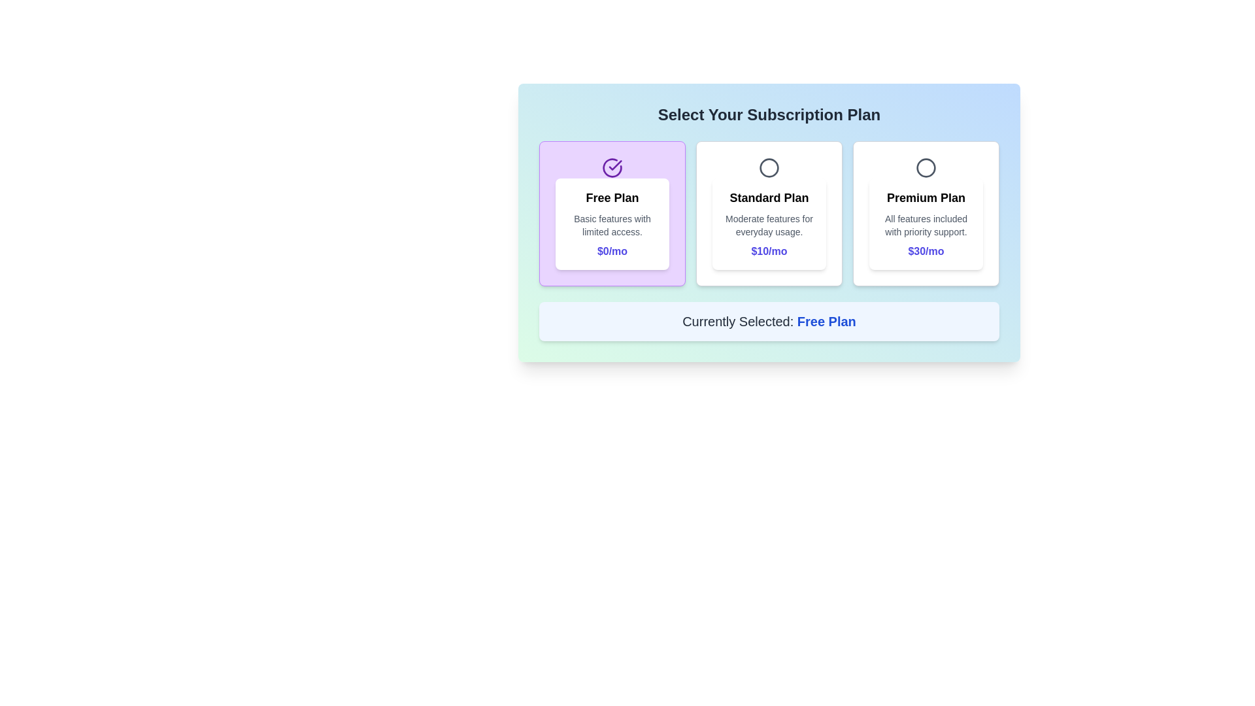 The image size is (1255, 706). What do you see at coordinates (611, 224) in the screenshot?
I see `the text block that reads 'Basic features with limited access.' positioned below the 'Free Plan' title` at bounding box center [611, 224].